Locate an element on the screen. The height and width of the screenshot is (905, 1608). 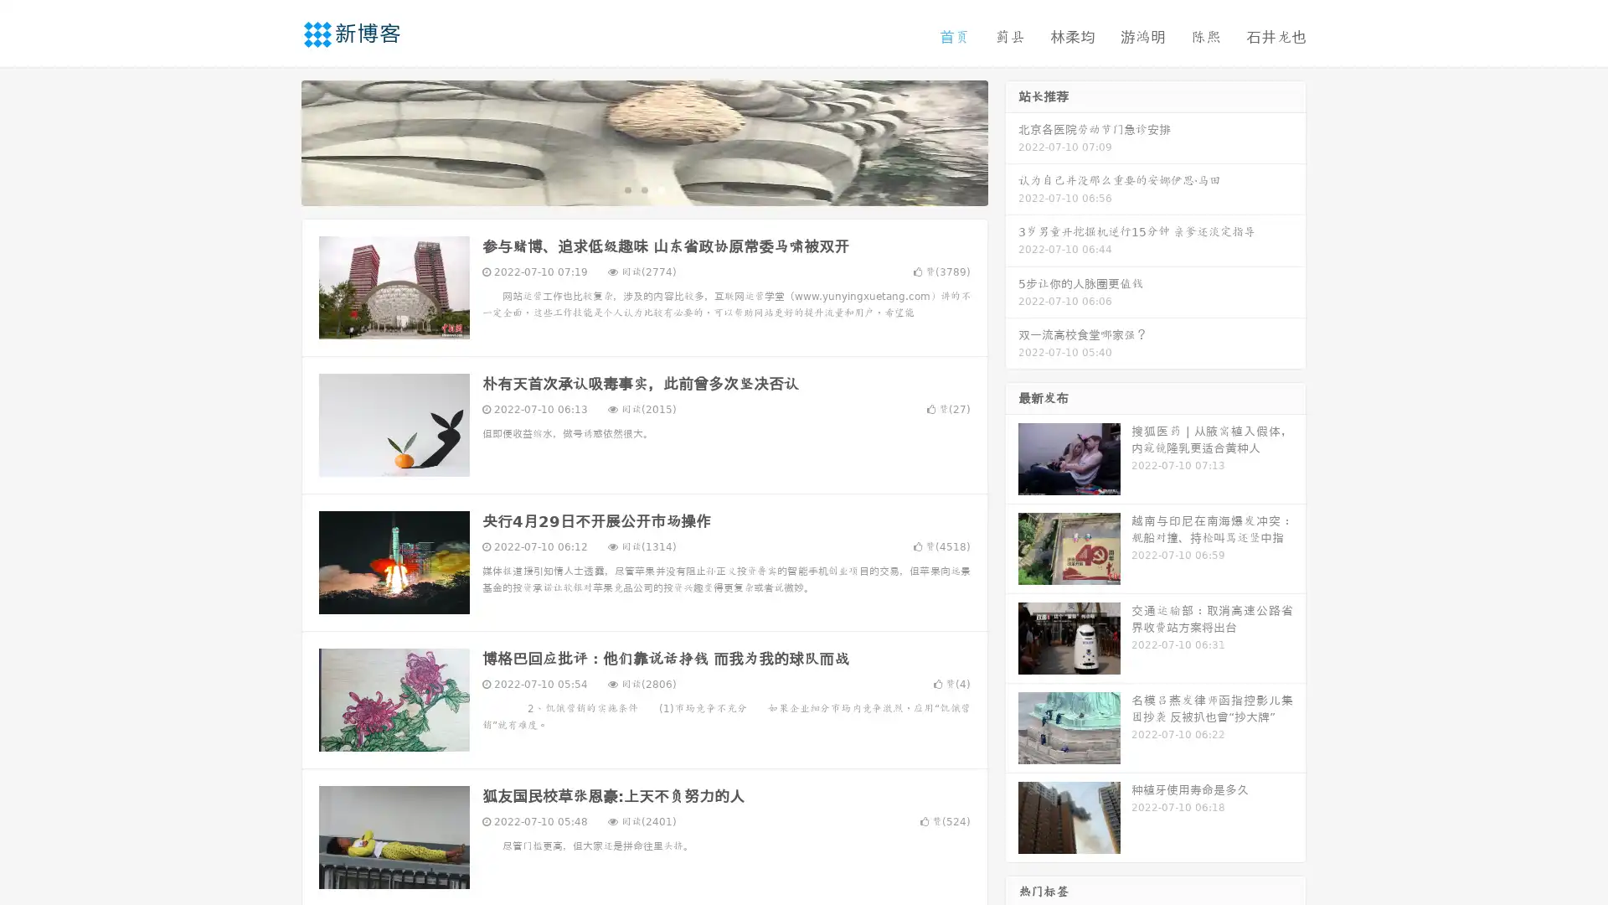
Next slide is located at coordinates (1012, 141).